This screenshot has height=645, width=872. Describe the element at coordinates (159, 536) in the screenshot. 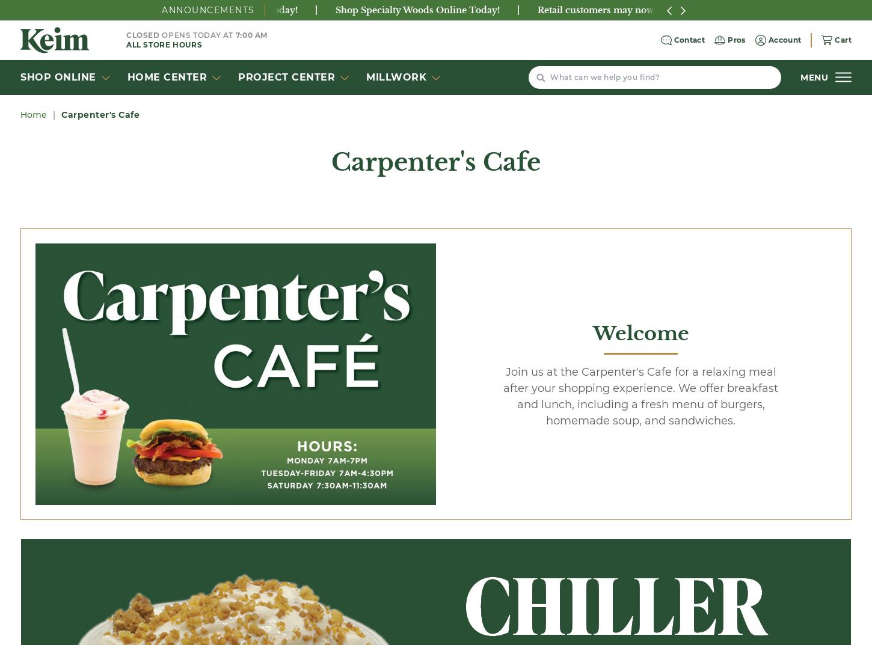

I see `'Latte......................................................... $3.95........ $4.25'` at that location.